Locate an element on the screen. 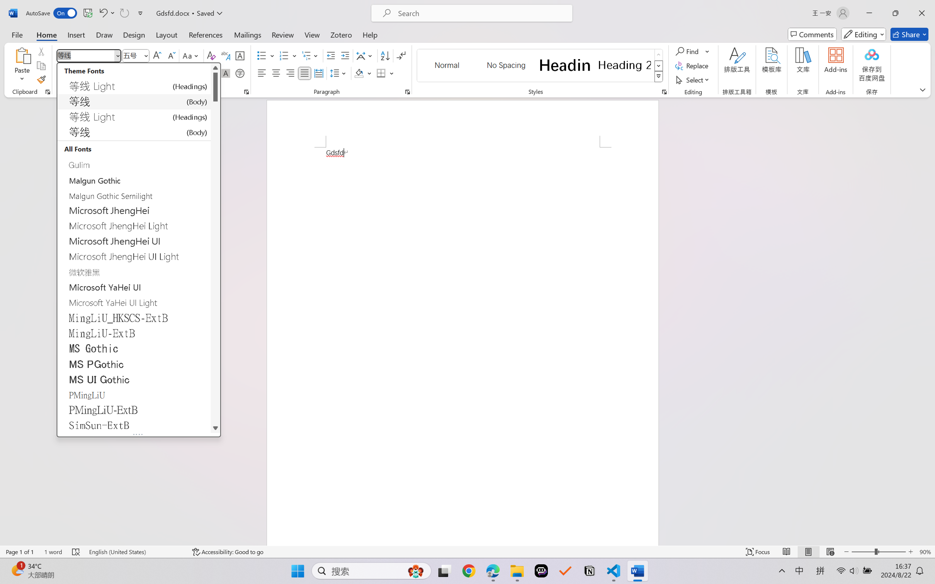 This screenshot has height=584, width=935. 'Grow Font' is located at coordinates (157, 56).